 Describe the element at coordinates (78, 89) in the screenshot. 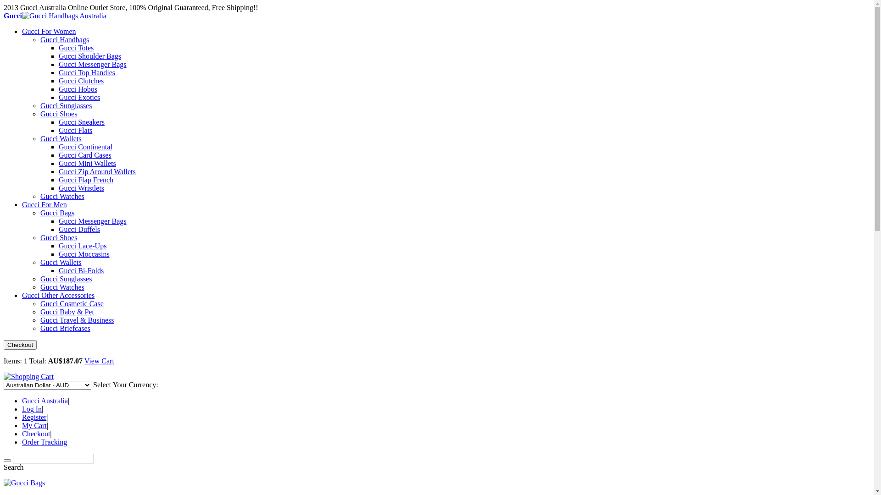

I see `'Gucci Hobos'` at that location.